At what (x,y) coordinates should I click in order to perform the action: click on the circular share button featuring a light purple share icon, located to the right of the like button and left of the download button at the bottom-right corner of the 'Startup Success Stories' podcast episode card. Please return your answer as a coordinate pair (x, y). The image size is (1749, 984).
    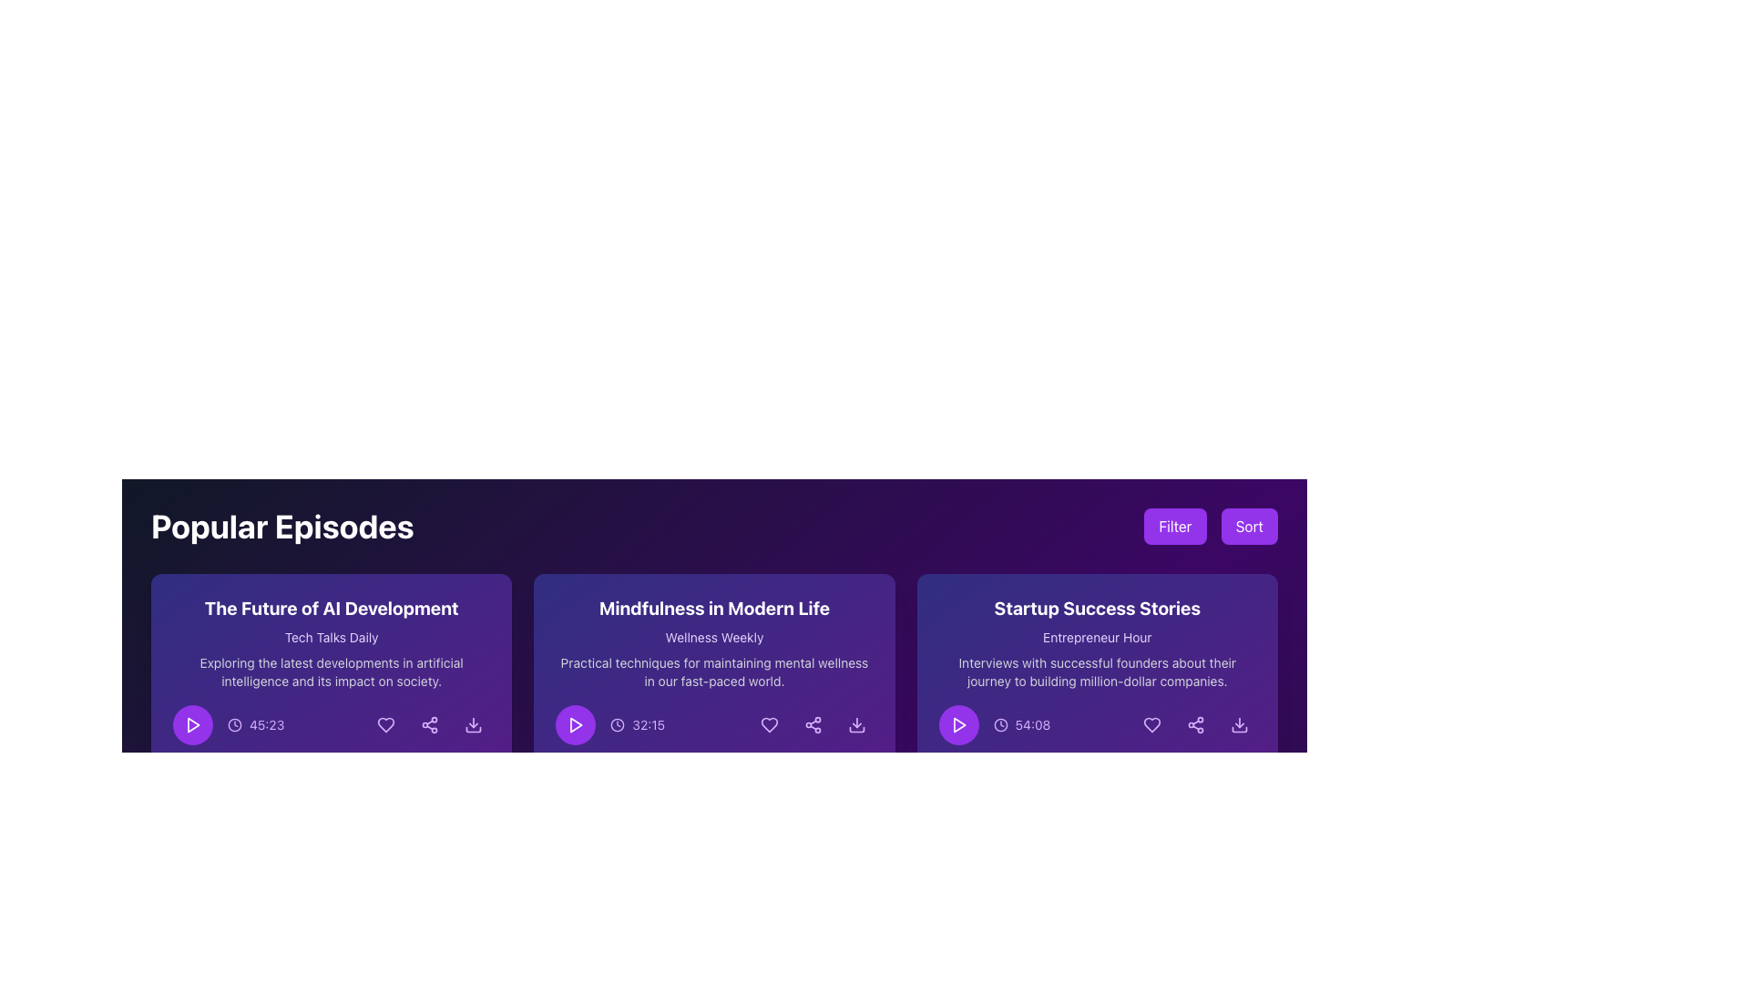
    Looking at the image, I should click on (1196, 723).